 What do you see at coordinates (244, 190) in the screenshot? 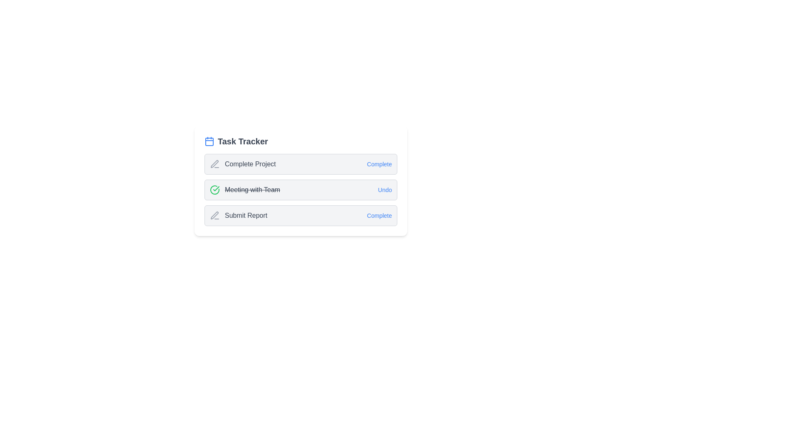
I see `the text block labeled 'Meeting with Team' which is styled with a gray line crossing through it, indicating a completed task, located next to a green checkmark icon` at bounding box center [244, 190].